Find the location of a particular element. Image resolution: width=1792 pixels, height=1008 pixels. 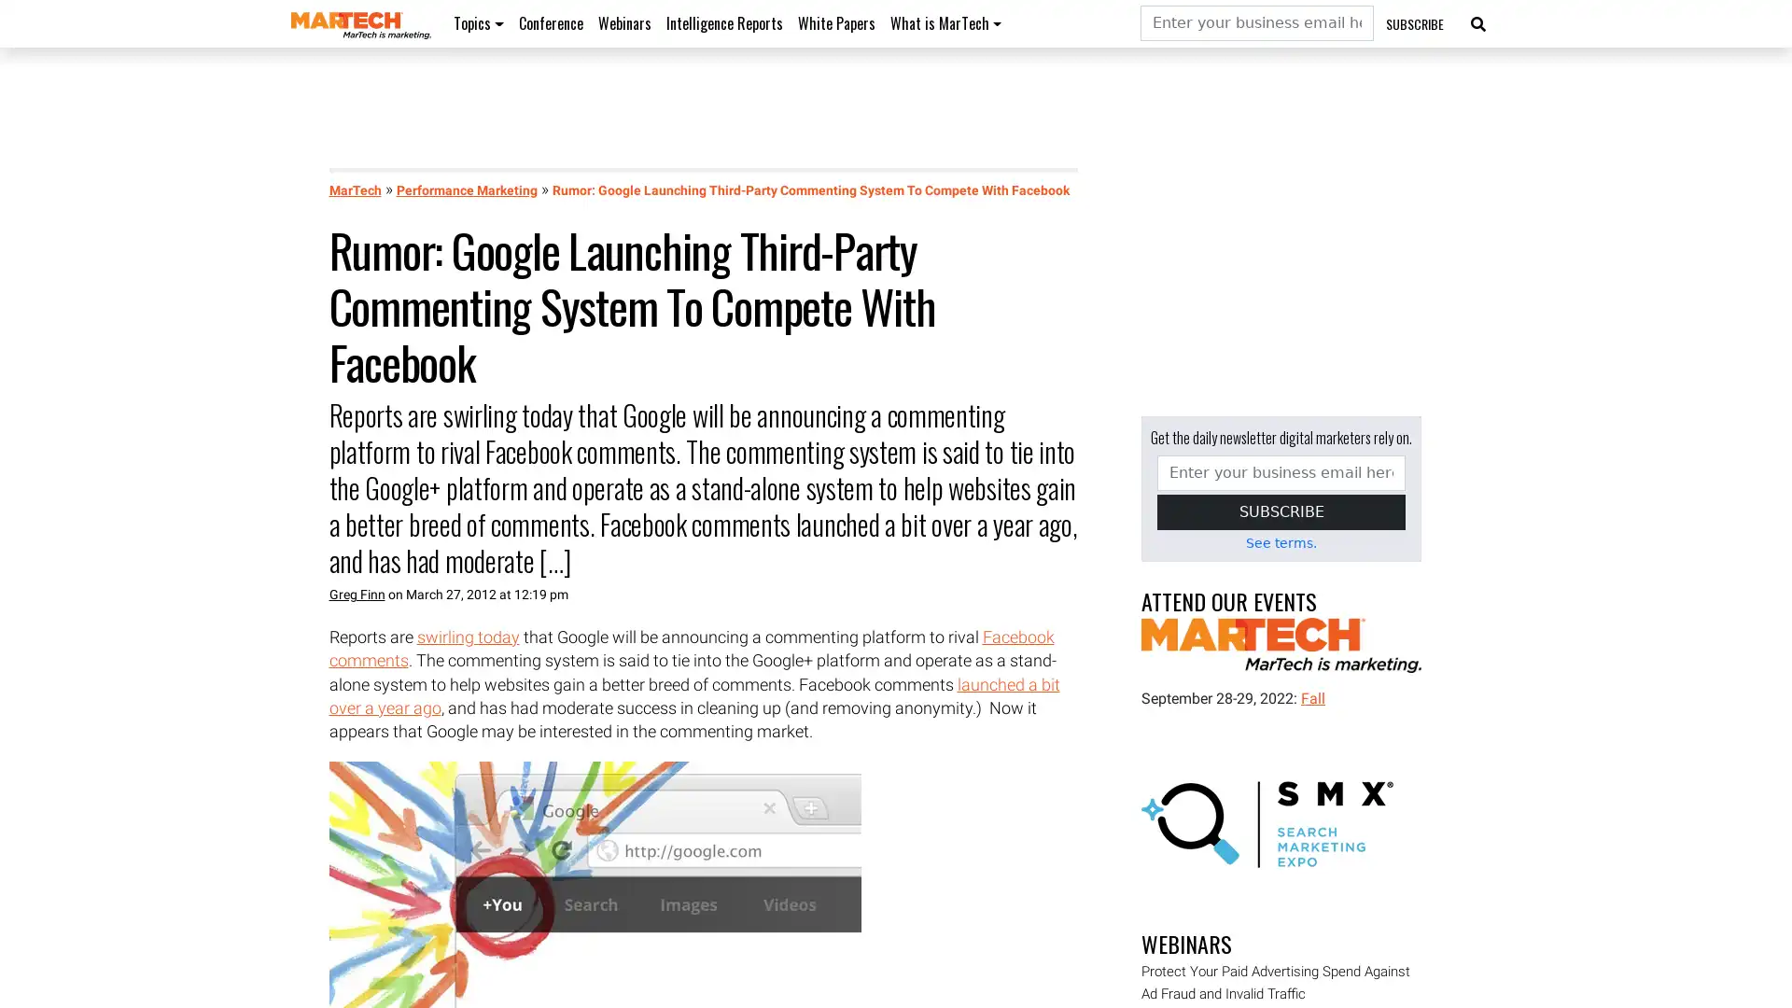

SUBSCRIBE is located at coordinates (1415, 22).